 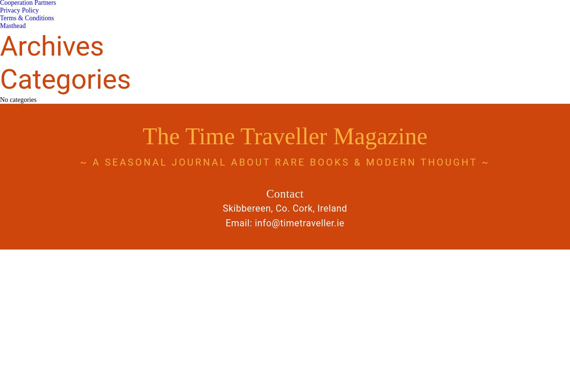 What do you see at coordinates (311, 223) in the screenshot?
I see `'timetraveller.ie'` at bounding box center [311, 223].